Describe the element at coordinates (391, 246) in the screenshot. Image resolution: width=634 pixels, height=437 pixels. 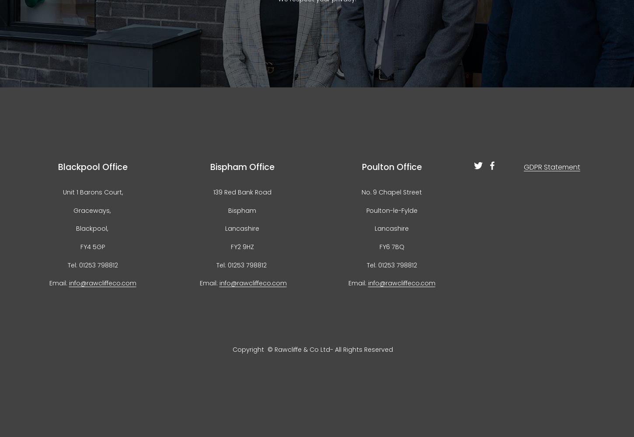
I see `'FY6 7BQ'` at that location.